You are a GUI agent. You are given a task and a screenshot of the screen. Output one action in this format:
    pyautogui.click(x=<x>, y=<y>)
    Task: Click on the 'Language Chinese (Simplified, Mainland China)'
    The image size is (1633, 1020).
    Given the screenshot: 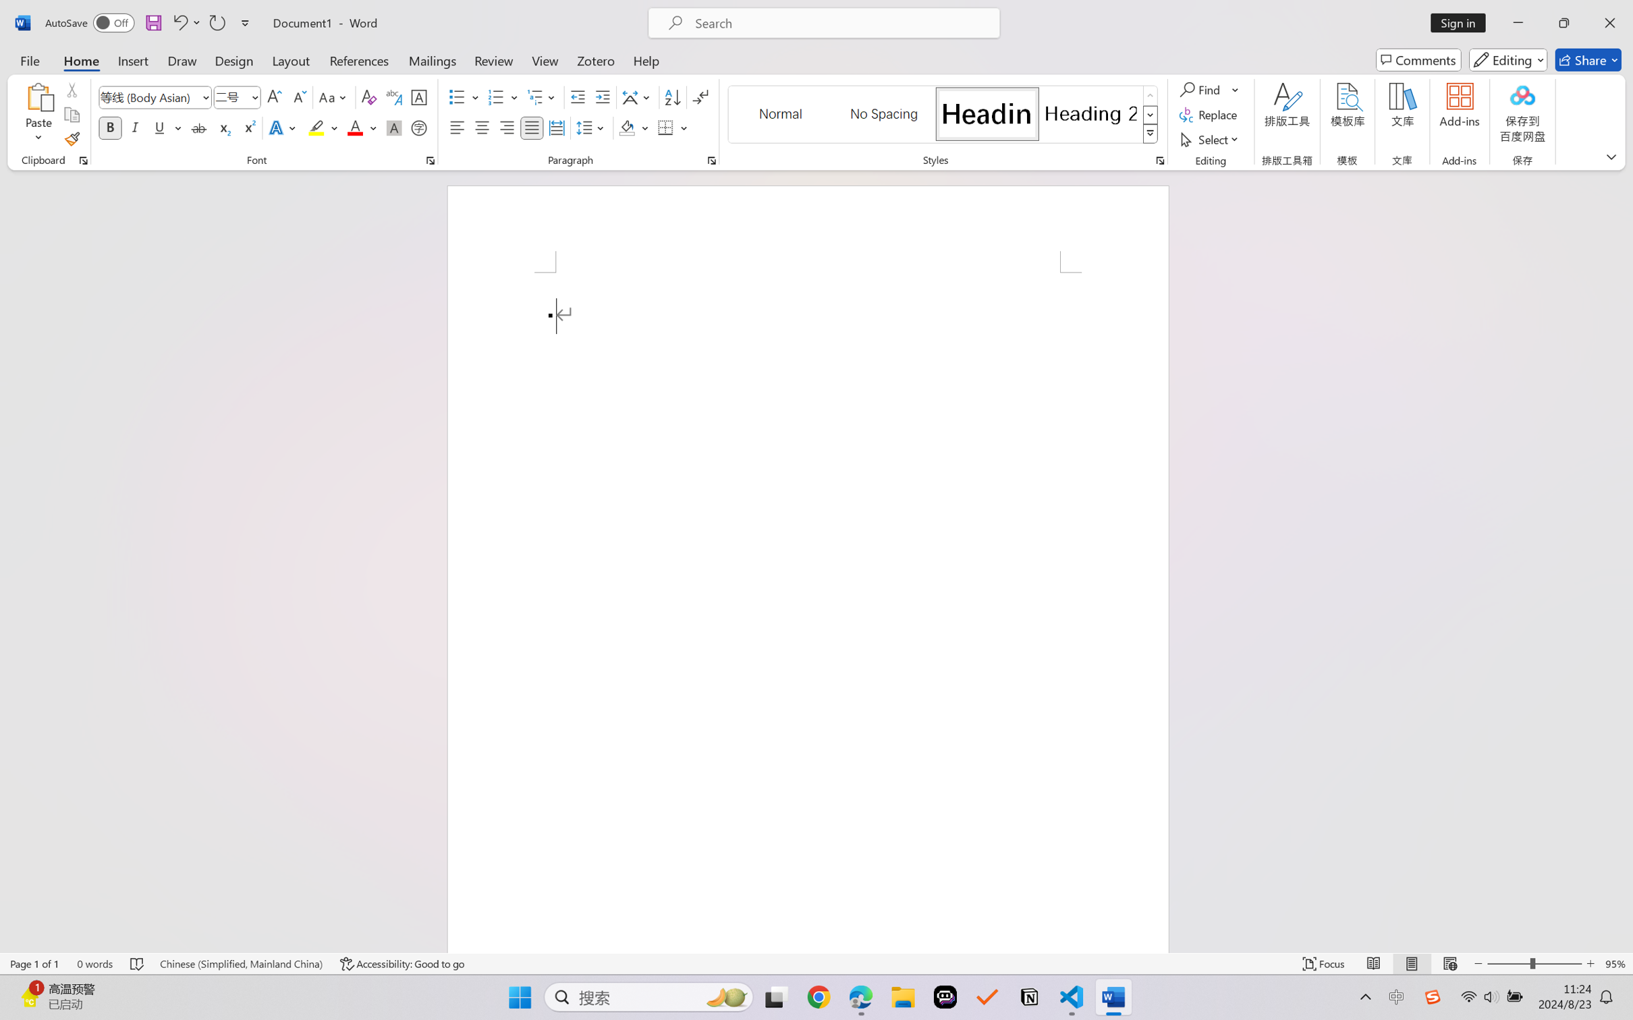 What is the action you would take?
    pyautogui.click(x=240, y=963)
    